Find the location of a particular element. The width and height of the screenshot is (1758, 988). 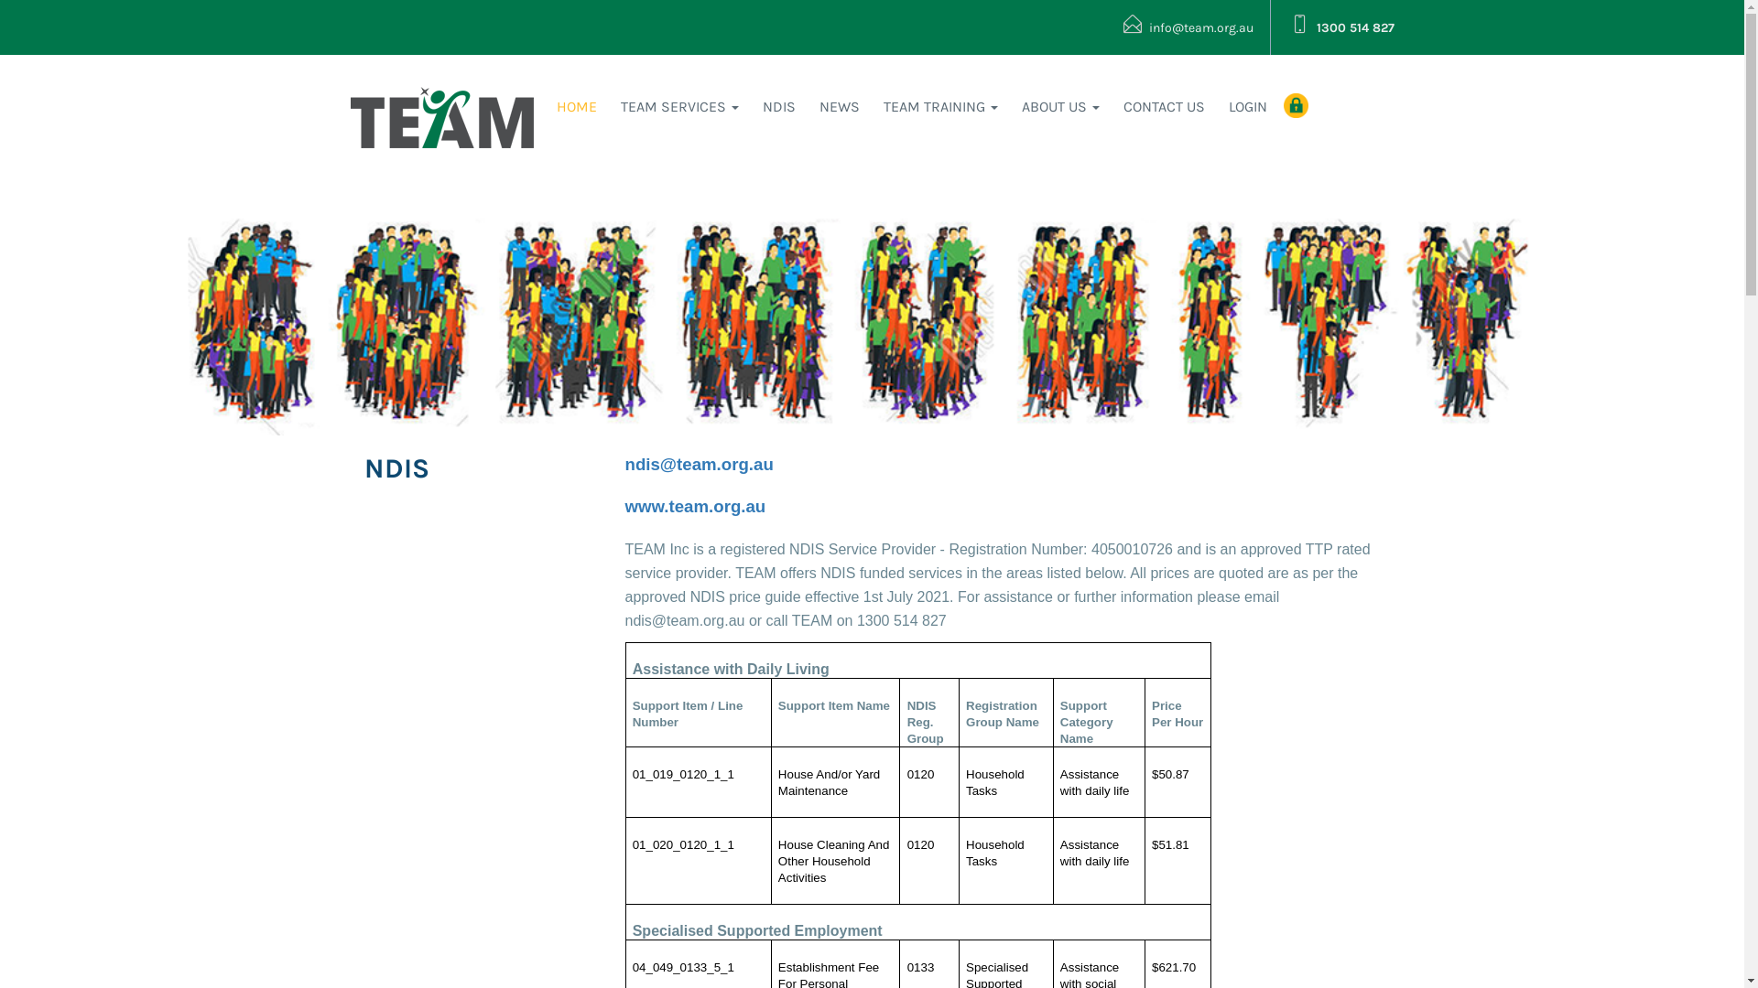

'CONTACT US' is located at coordinates (1163, 106).